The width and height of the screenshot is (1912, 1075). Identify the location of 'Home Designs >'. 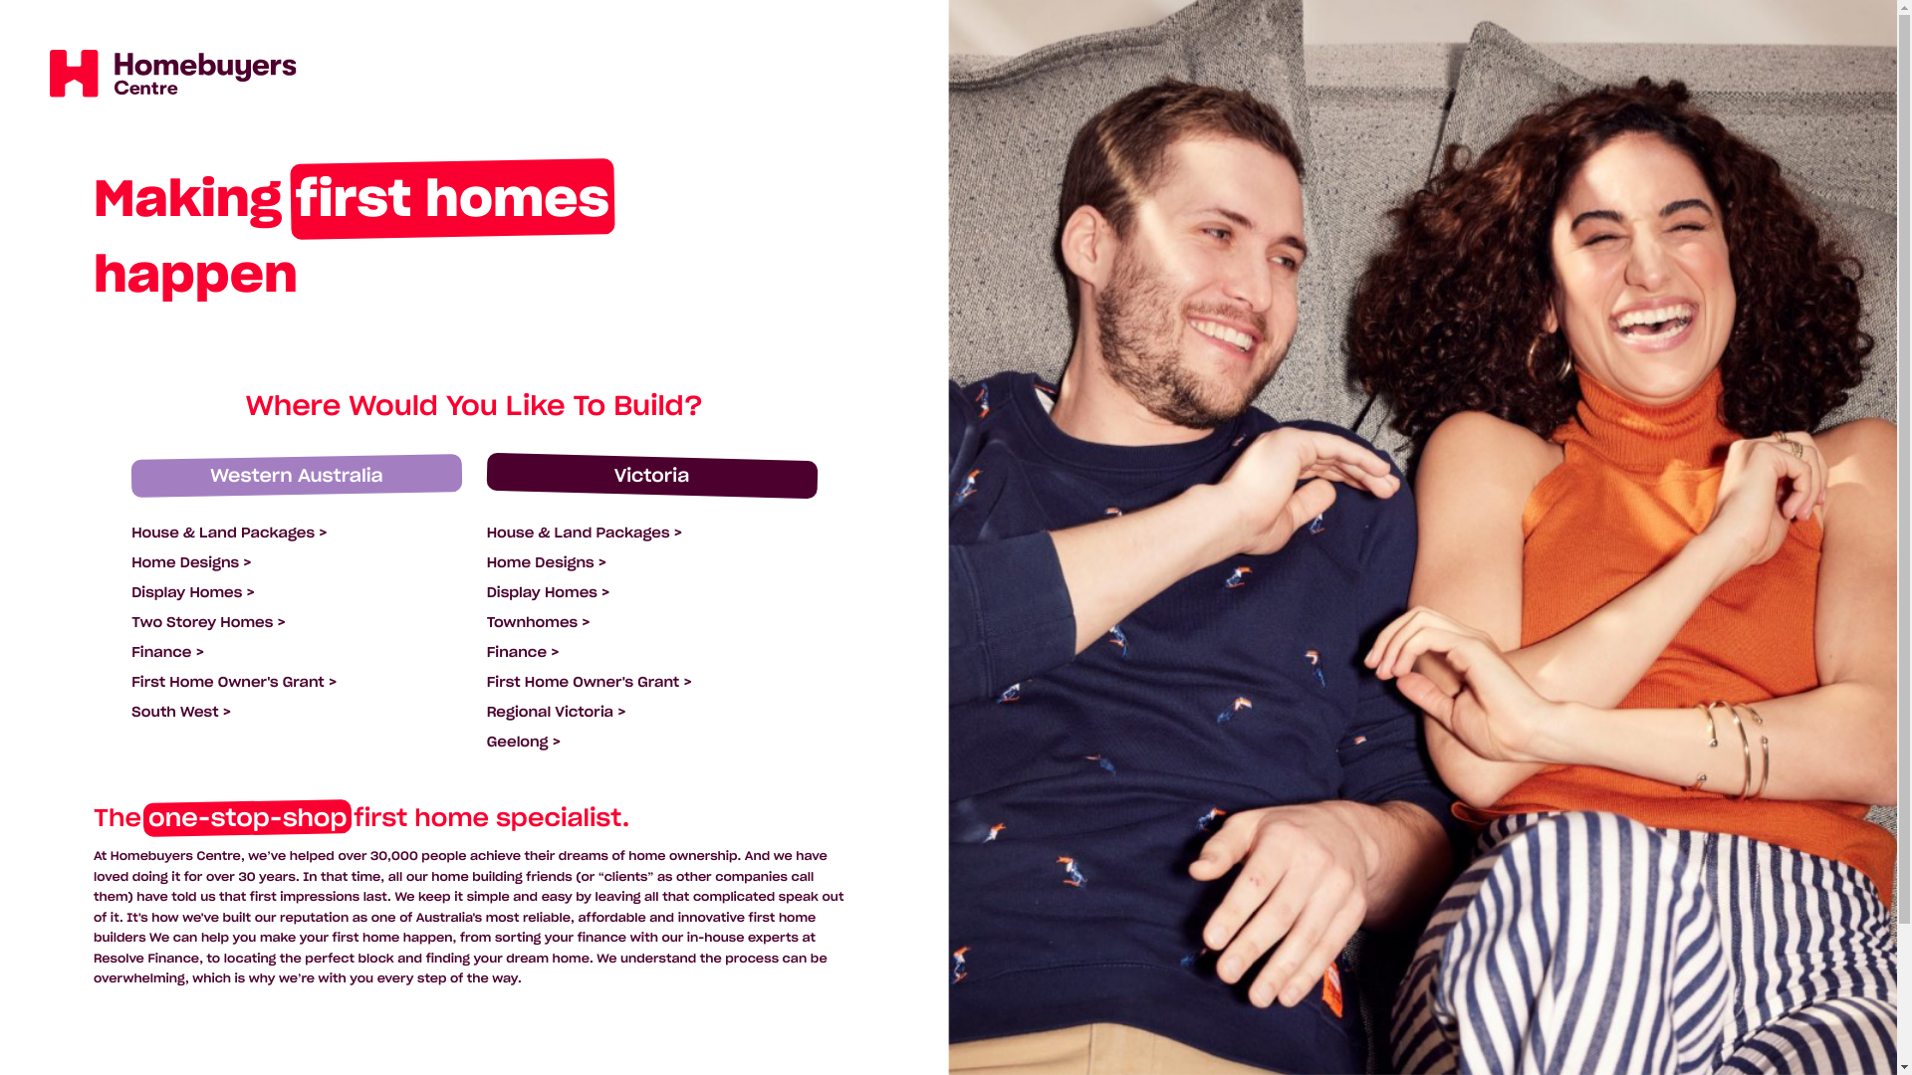
(546, 561).